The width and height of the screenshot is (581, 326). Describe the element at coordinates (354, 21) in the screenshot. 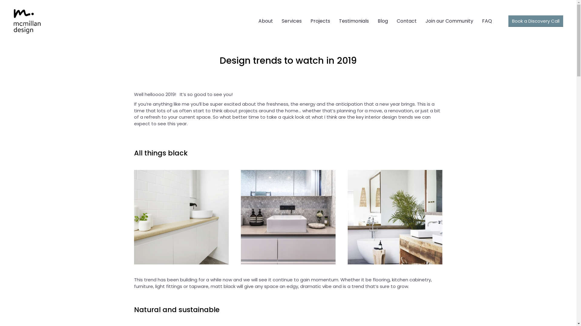

I see `'Testimonials'` at that location.